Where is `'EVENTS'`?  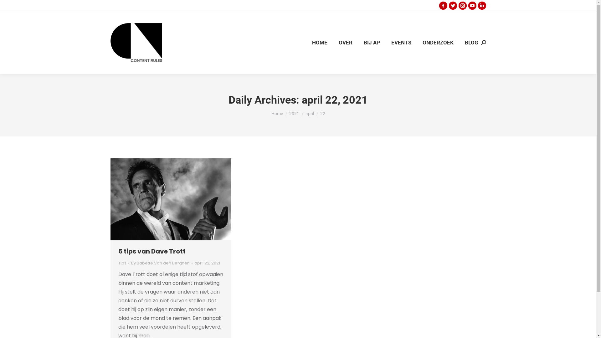 'EVENTS' is located at coordinates (401, 42).